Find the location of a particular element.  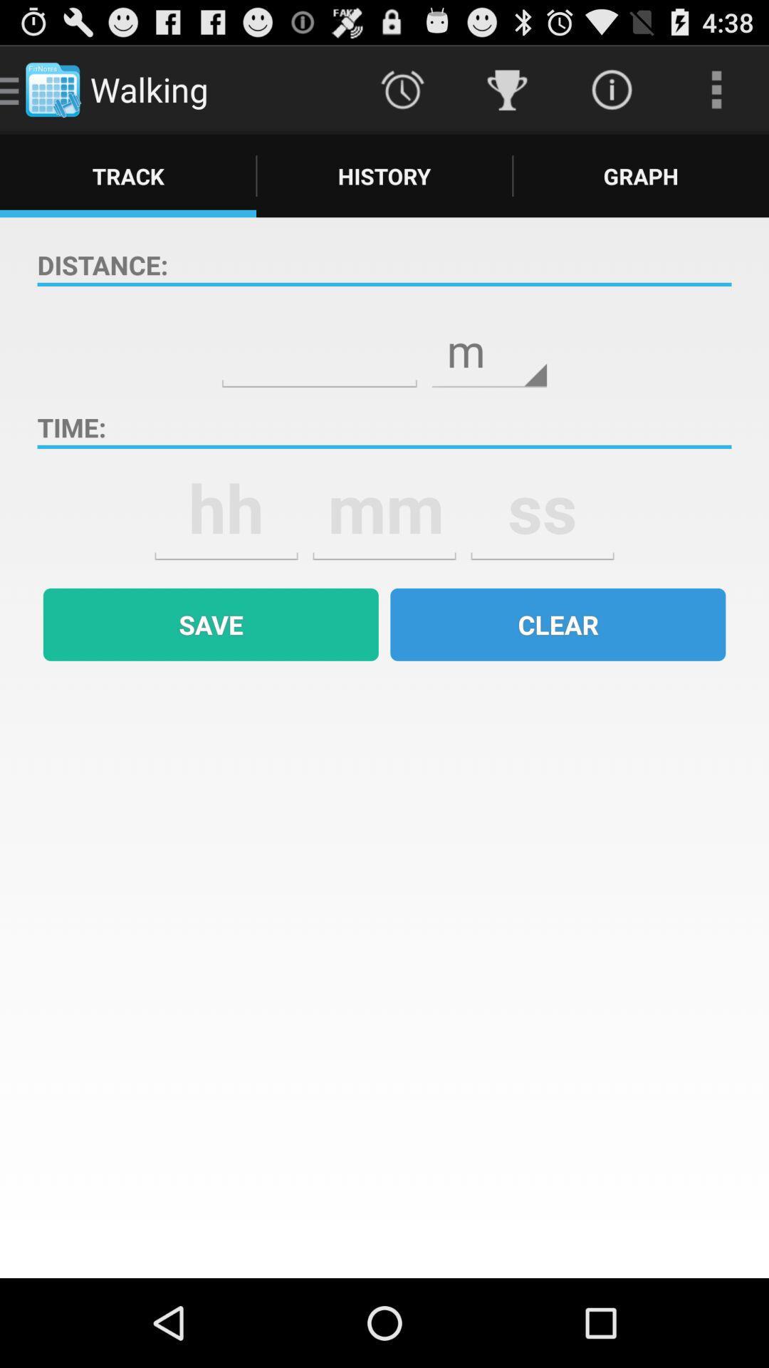

hour is located at coordinates (225, 508).